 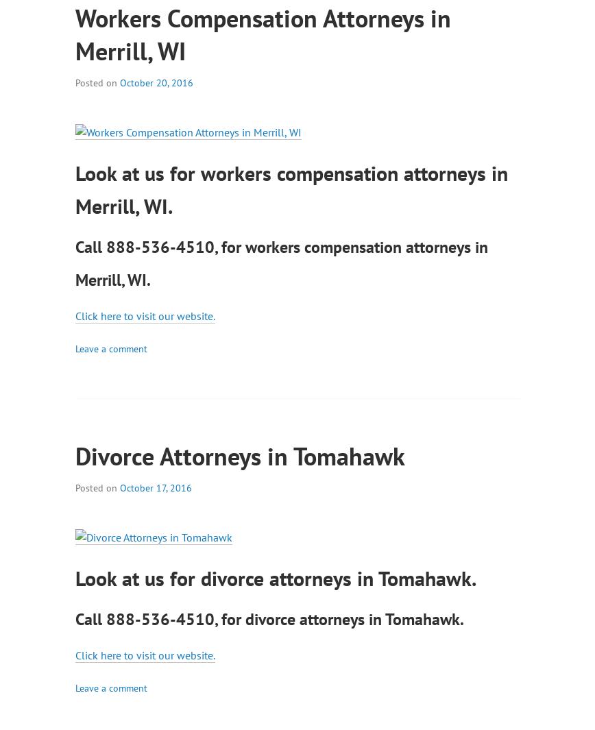 What do you see at coordinates (240, 455) in the screenshot?
I see `'Divorce Attorneys in Tomahawk'` at bounding box center [240, 455].